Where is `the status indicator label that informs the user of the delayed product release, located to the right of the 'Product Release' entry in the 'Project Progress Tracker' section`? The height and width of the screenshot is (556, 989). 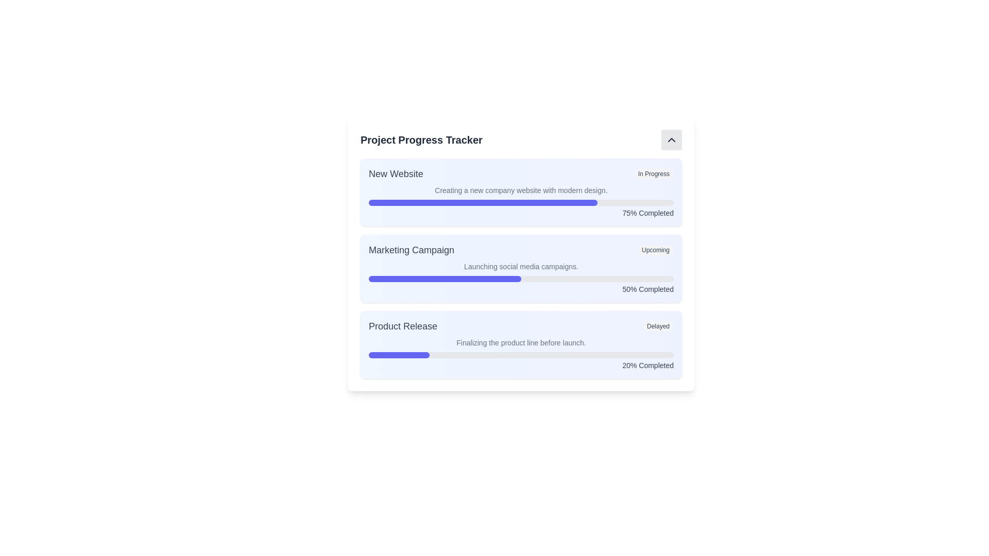 the status indicator label that informs the user of the delayed product release, located to the right of the 'Product Release' entry in the 'Project Progress Tracker' section is located at coordinates (657, 326).